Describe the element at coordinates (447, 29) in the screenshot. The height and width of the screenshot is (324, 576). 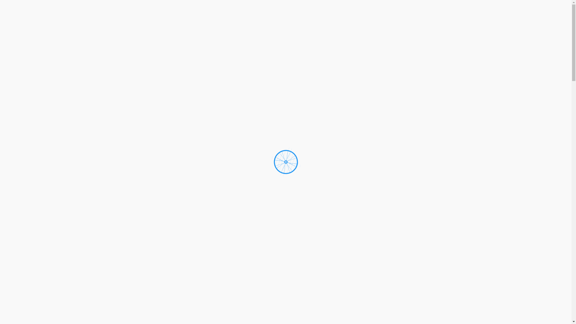
I see `'KONTAKT'` at that location.